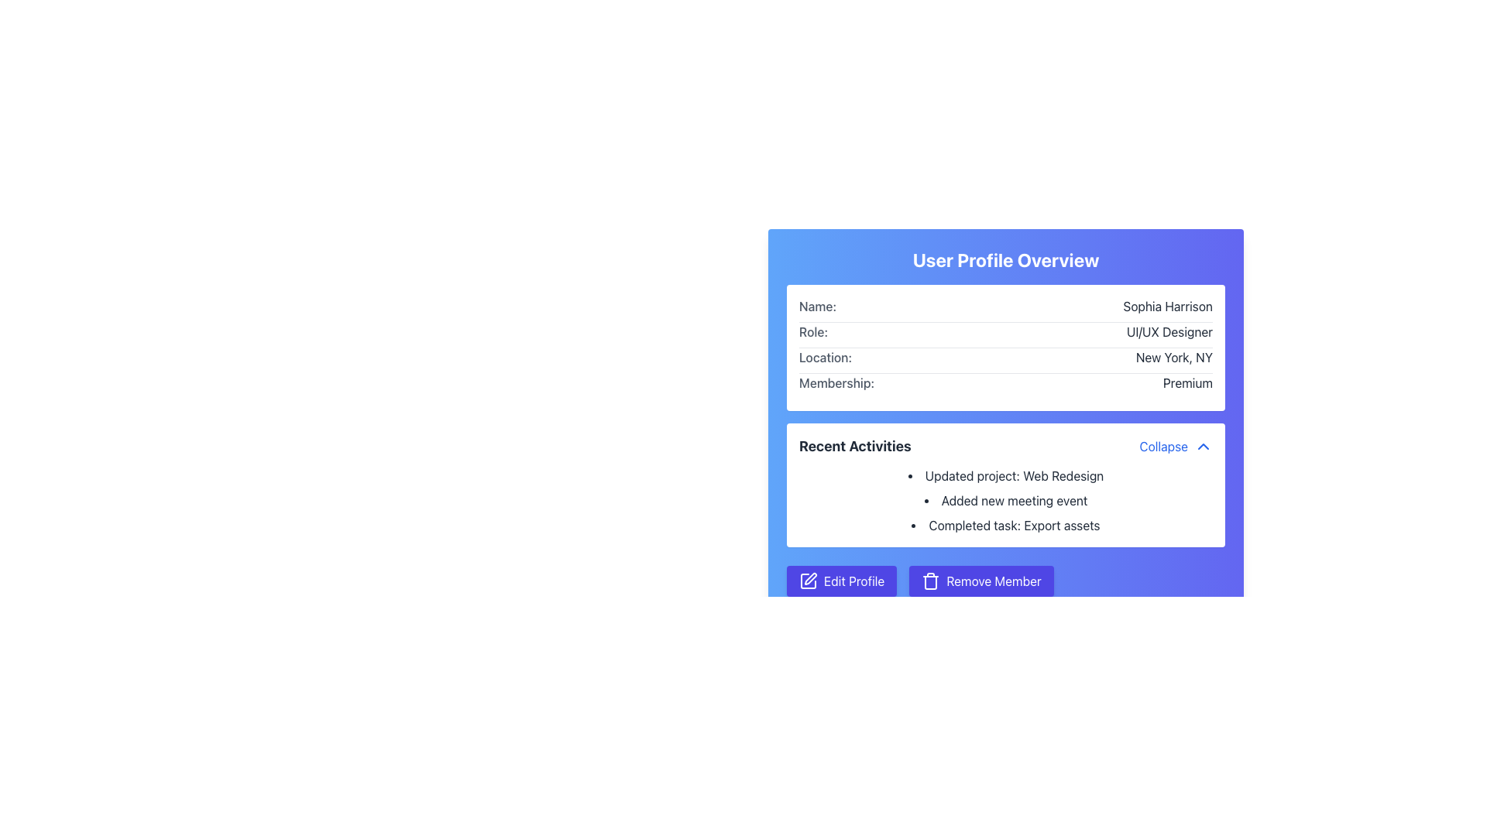 This screenshot has width=1487, height=836. What do you see at coordinates (1006, 581) in the screenshot?
I see `the 'Remove Member' button located in the bottom-right of the 'User Profile Overview' section, following the 'Recent Activities' list` at bounding box center [1006, 581].